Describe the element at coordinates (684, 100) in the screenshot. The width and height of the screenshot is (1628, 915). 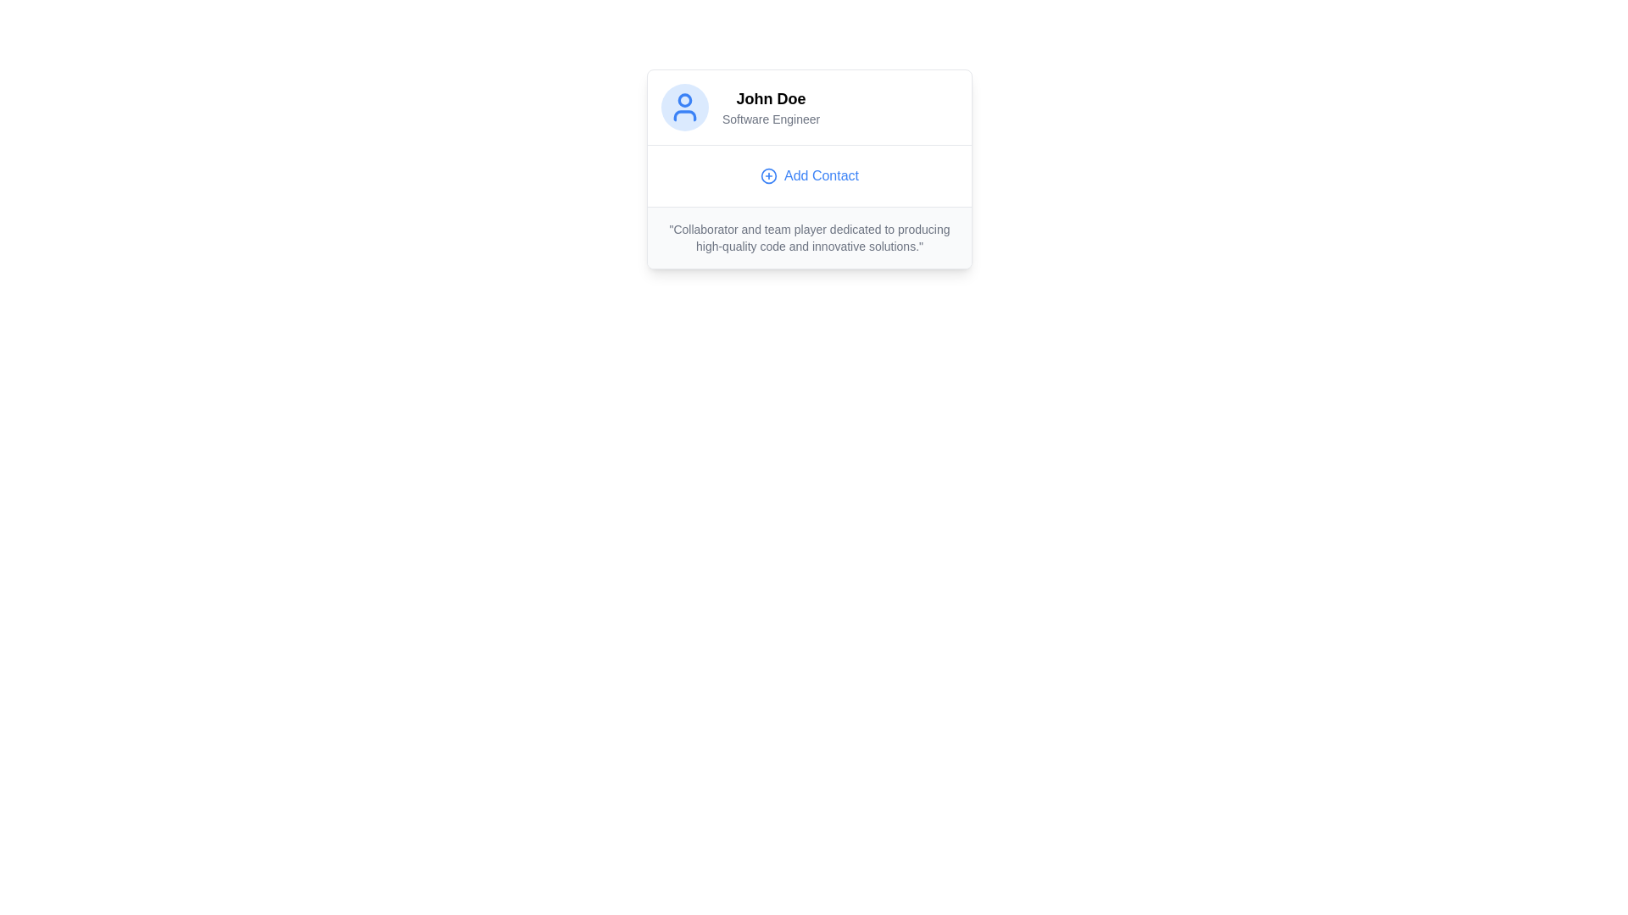
I see `the circular SVG element inside the avatar icon in the user profile card, which is positioned above the textual information and horizontally centered within the avatar icon` at that location.